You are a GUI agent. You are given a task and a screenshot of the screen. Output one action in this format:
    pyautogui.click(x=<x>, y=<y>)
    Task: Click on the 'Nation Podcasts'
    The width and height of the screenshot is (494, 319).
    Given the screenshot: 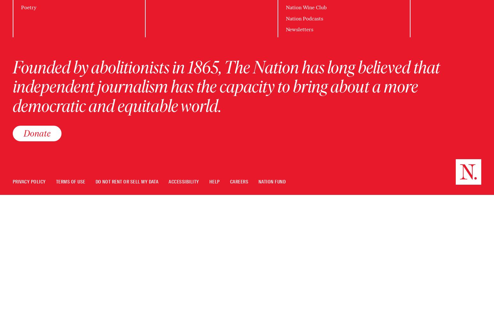 What is the action you would take?
    pyautogui.click(x=304, y=18)
    